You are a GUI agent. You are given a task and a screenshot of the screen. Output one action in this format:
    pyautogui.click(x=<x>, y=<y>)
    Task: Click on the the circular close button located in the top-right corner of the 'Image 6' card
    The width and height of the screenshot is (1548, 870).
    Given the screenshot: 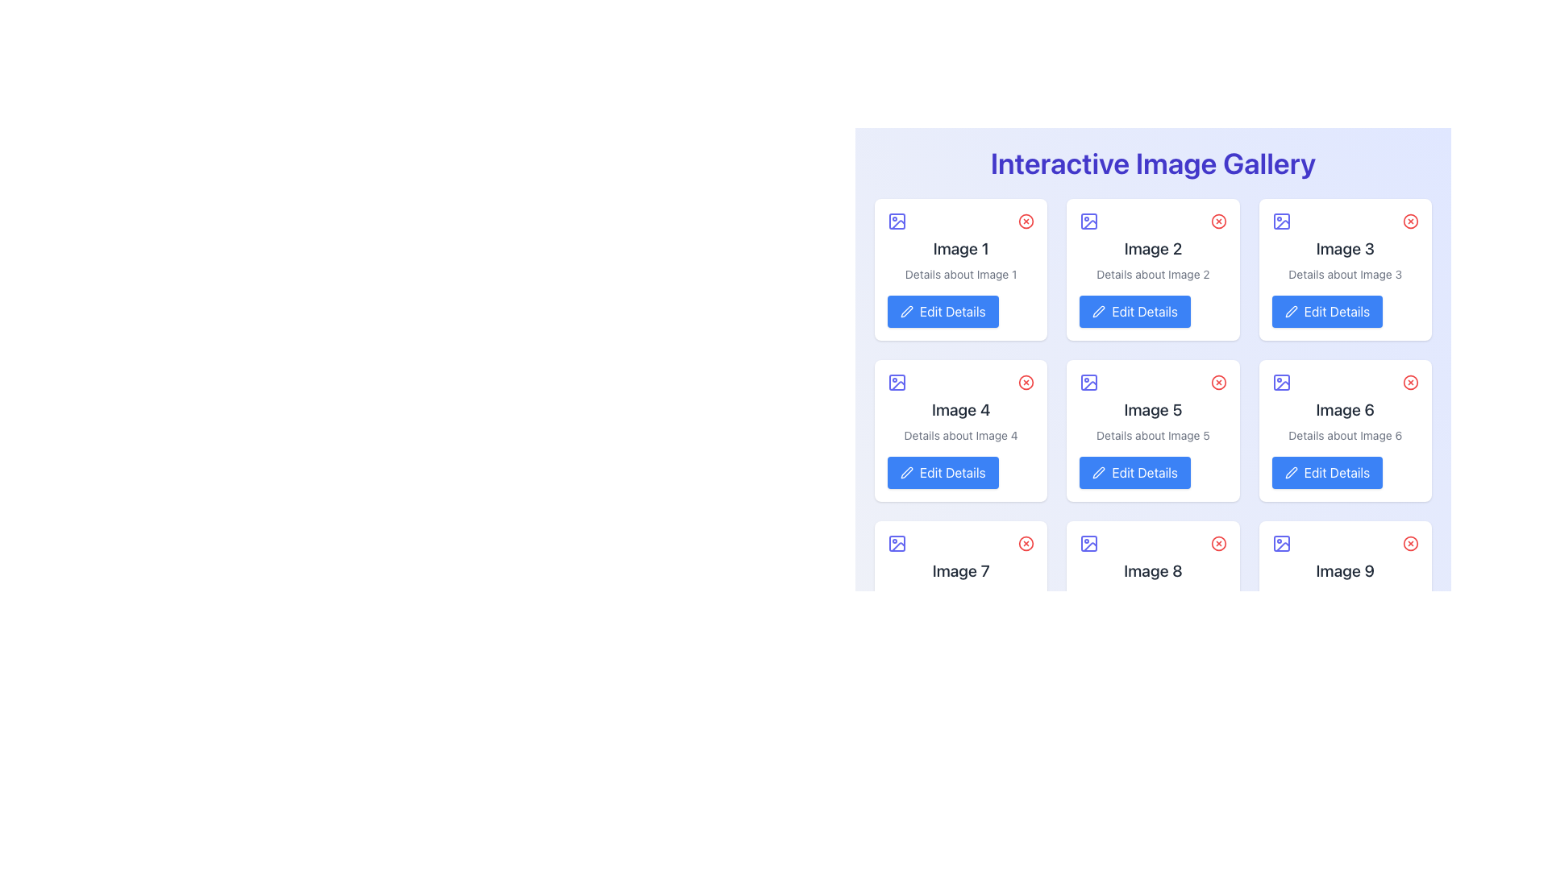 What is the action you would take?
    pyautogui.click(x=1409, y=382)
    